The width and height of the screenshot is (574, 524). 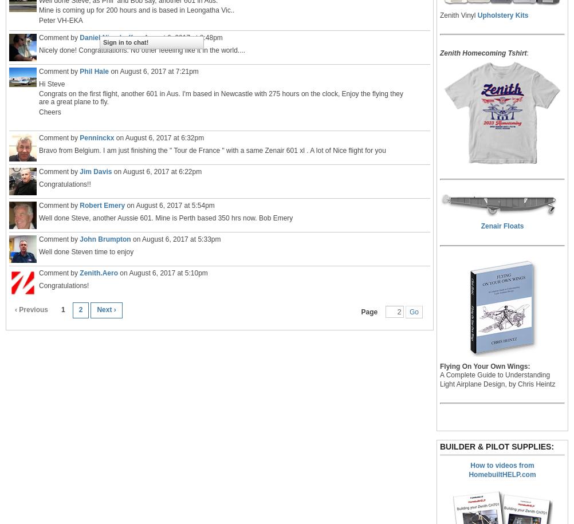 What do you see at coordinates (99, 272) in the screenshot?
I see `'Zenith.Aero'` at bounding box center [99, 272].